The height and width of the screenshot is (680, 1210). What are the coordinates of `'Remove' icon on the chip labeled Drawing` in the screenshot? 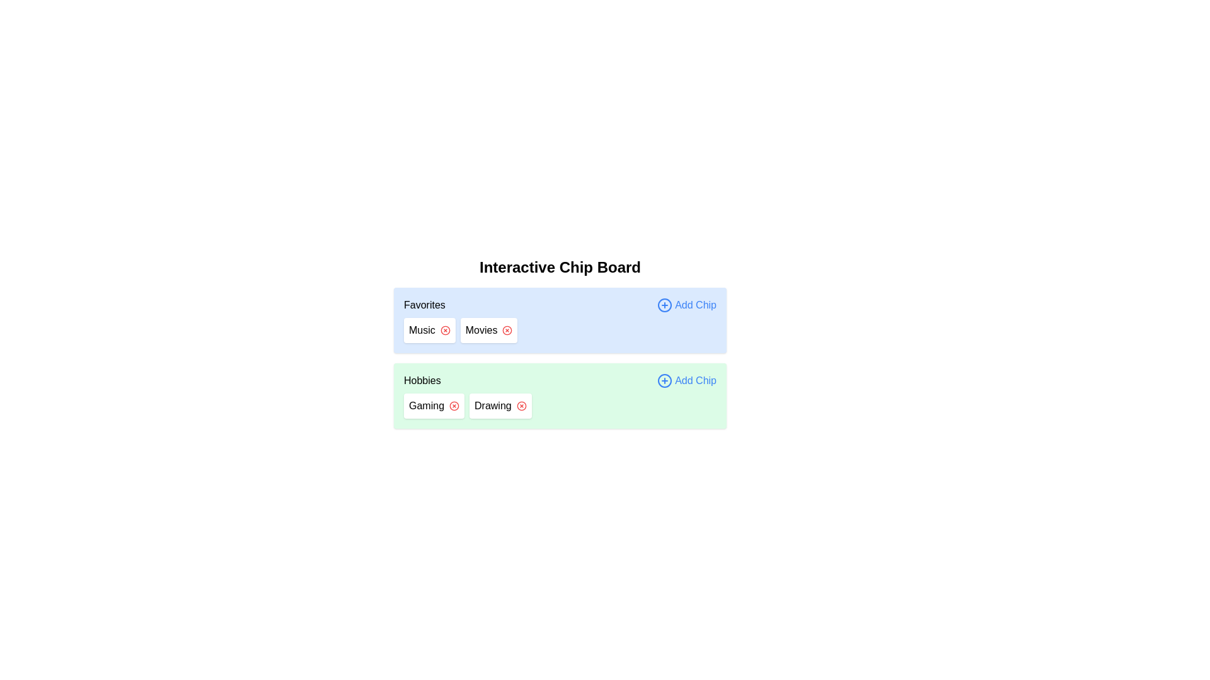 It's located at (521, 405).